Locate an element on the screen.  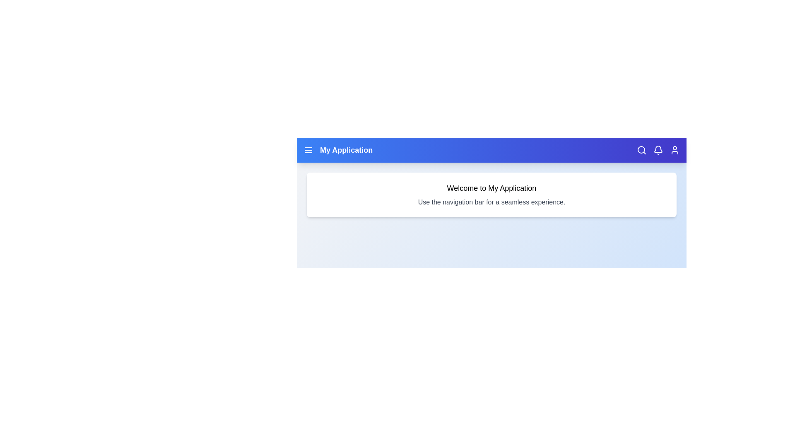
the search icon in the navigation bar is located at coordinates (641, 150).